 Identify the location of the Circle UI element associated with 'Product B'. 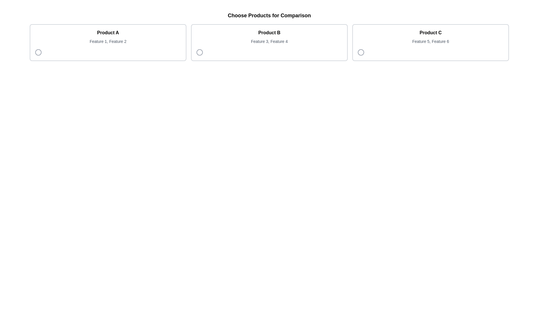
(199, 52).